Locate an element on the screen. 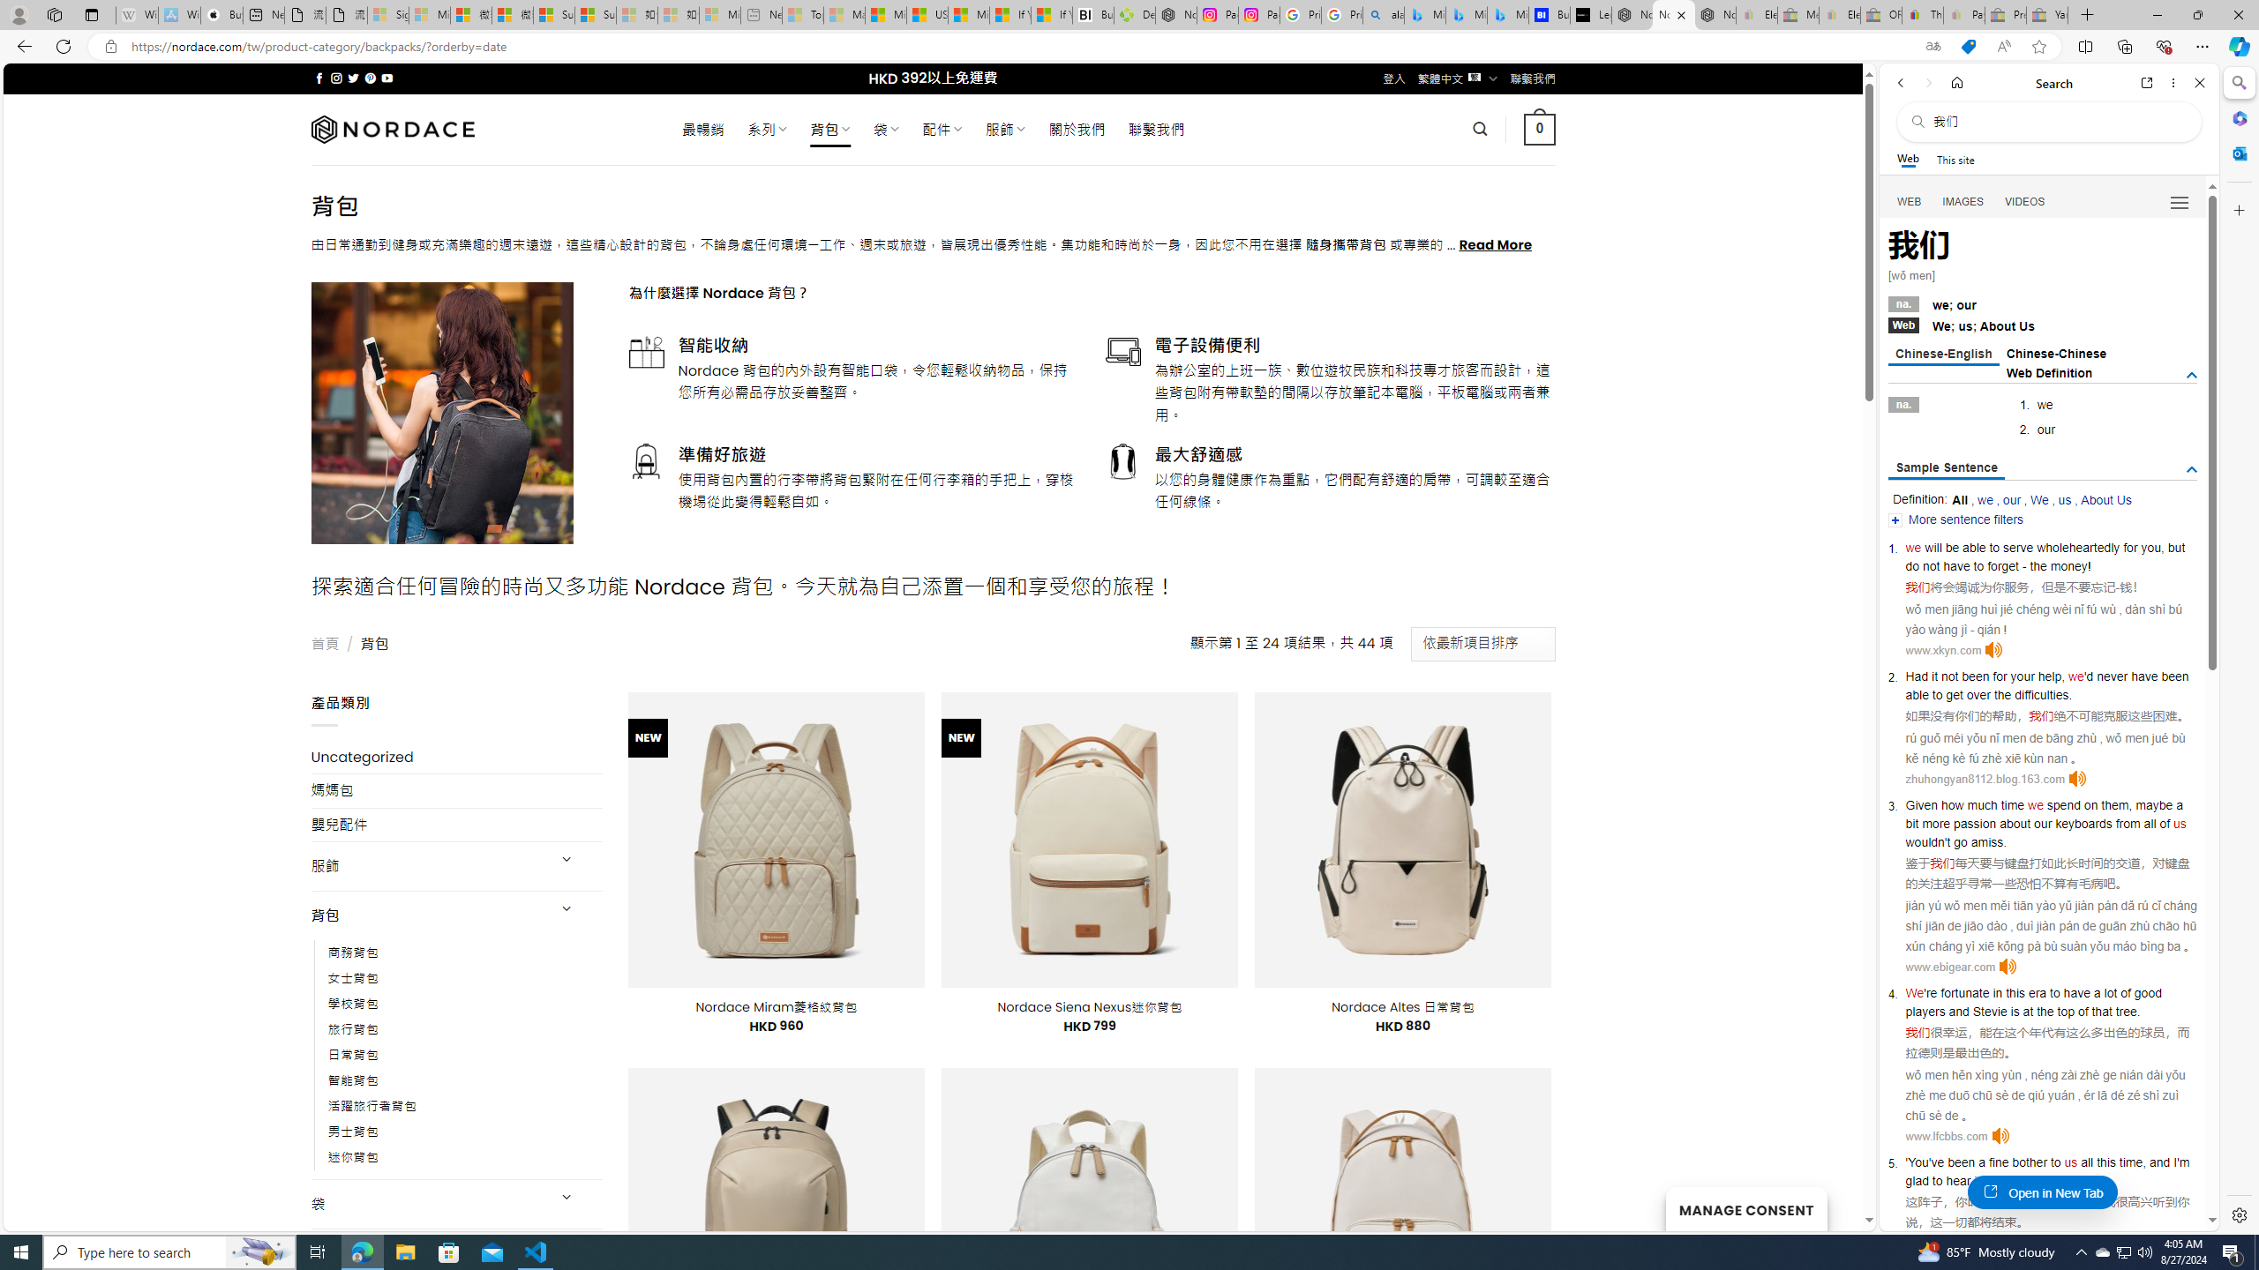 The image size is (2259, 1270). 'over' is located at coordinates (1978, 695).